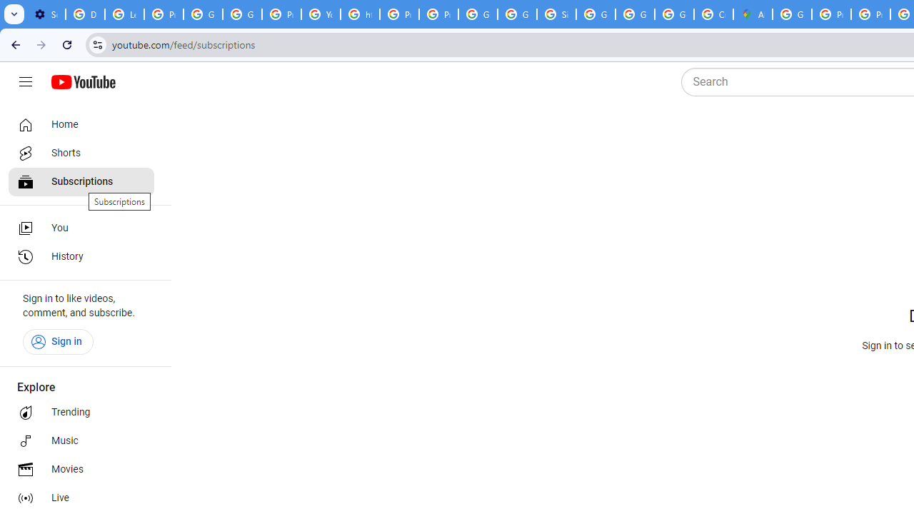 Image resolution: width=914 pixels, height=514 pixels. I want to click on 'YouTube', so click(320, 14).